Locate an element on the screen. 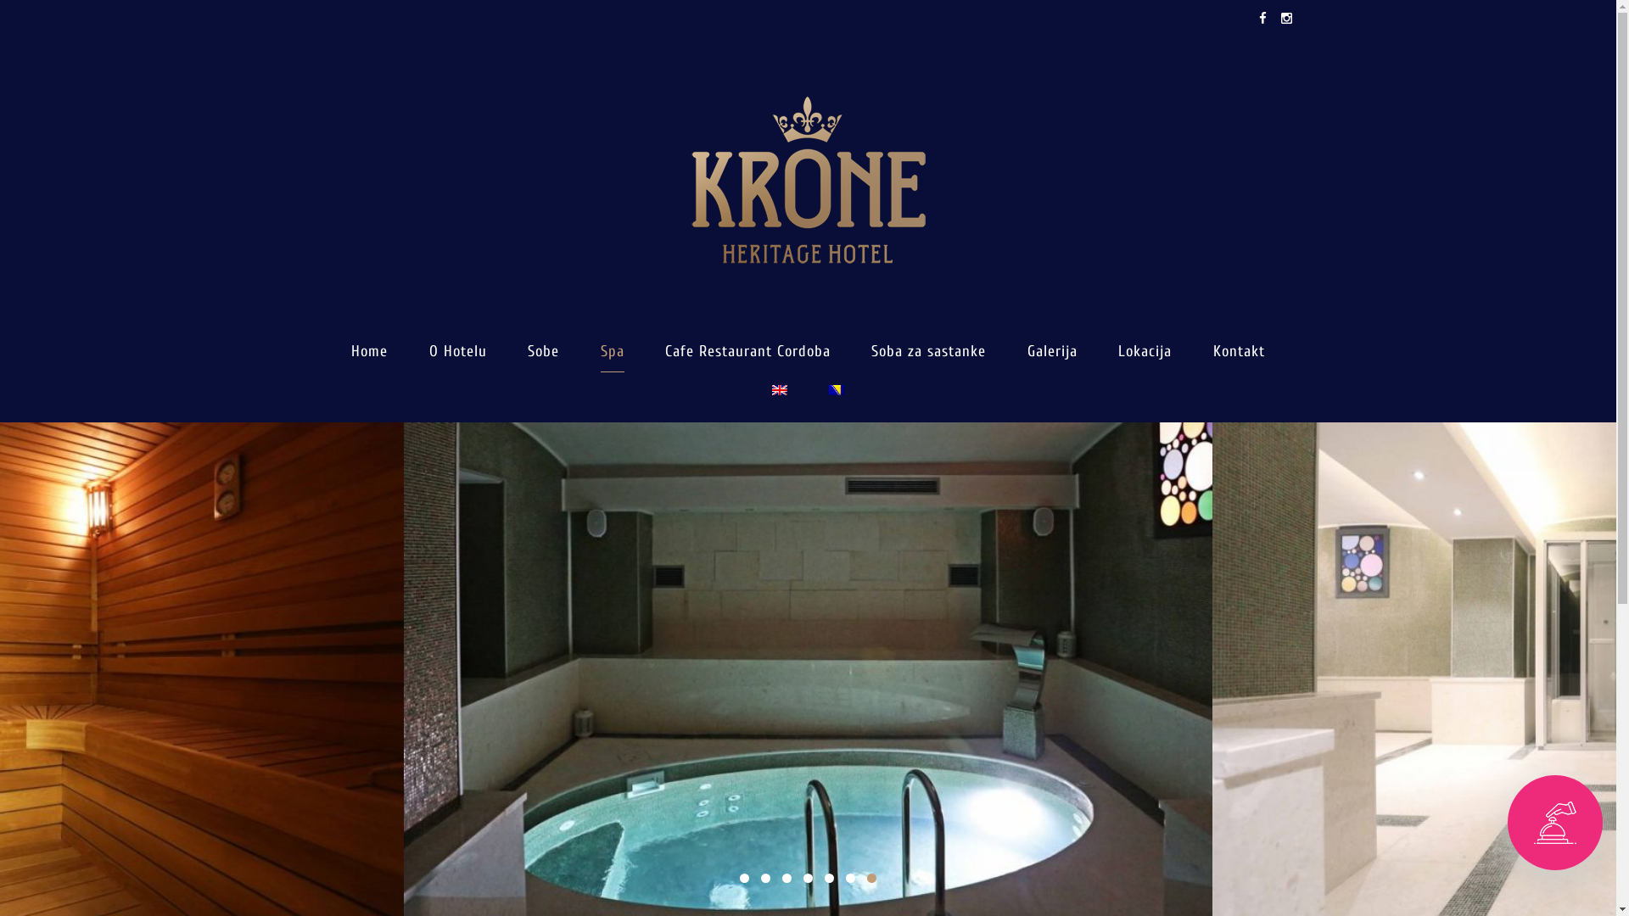 The image size is (1629, 916). 'Soba za sastanke' is located at coordinates (927, 351).